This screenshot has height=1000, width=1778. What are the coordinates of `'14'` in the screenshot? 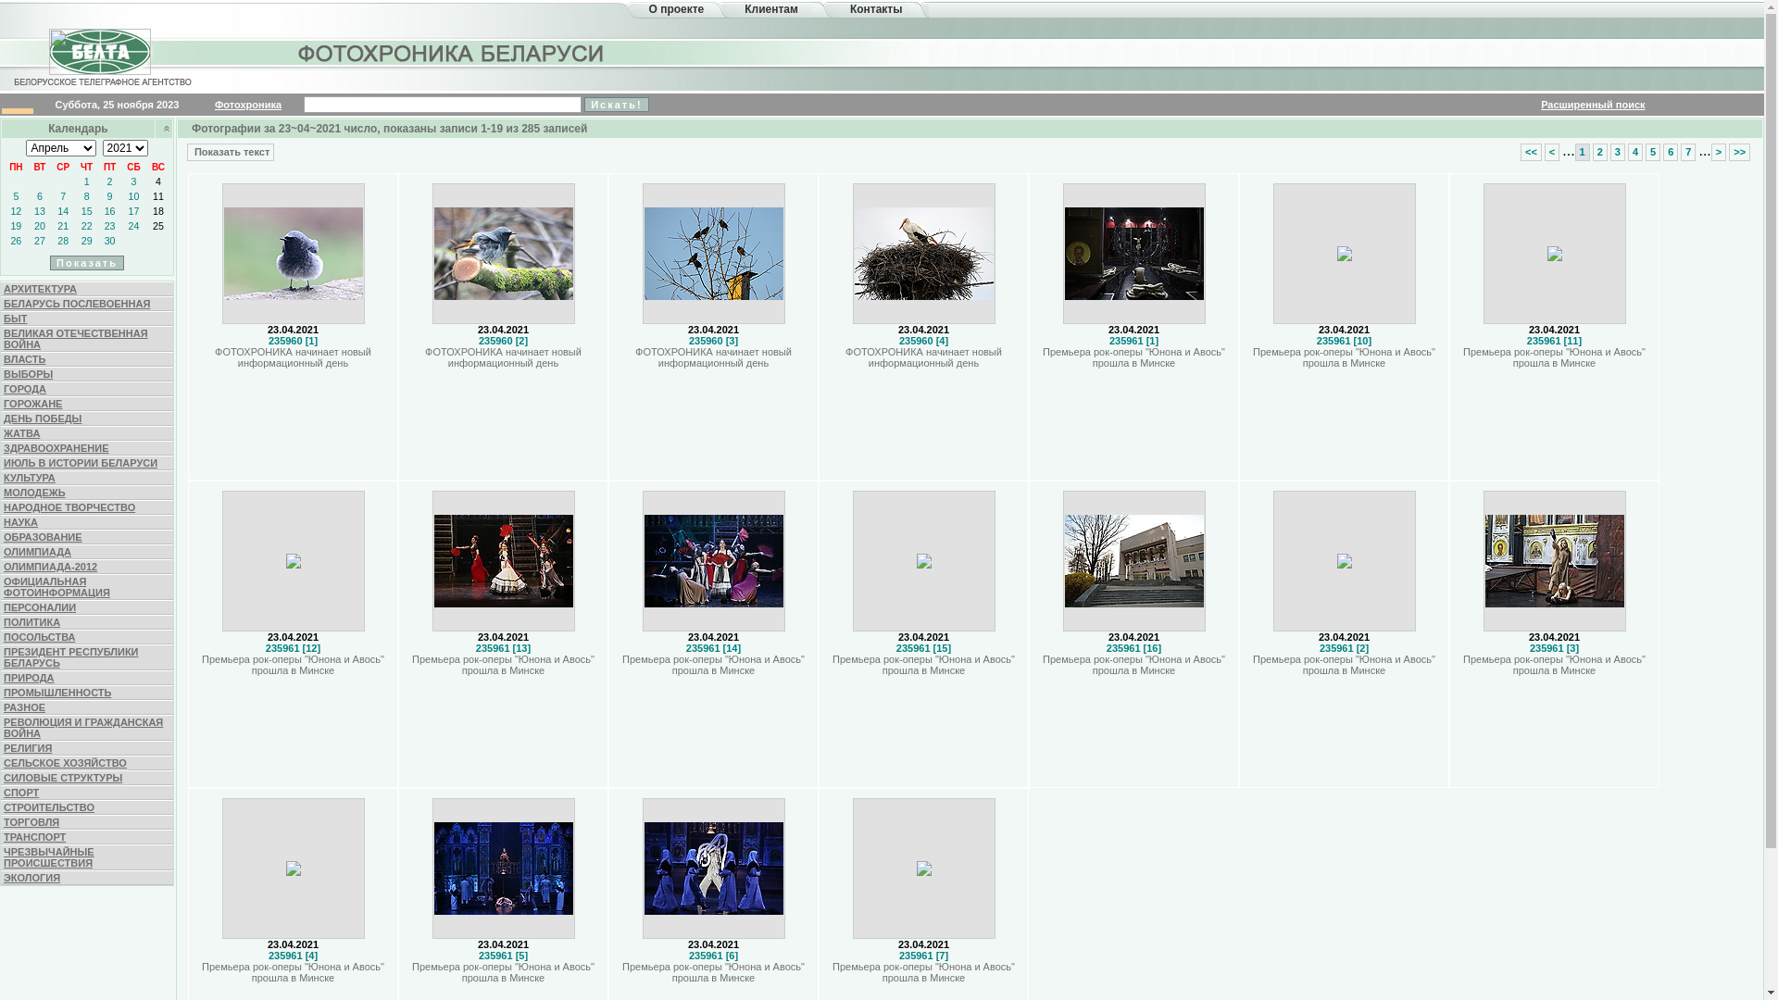 It's located at (57, 209).